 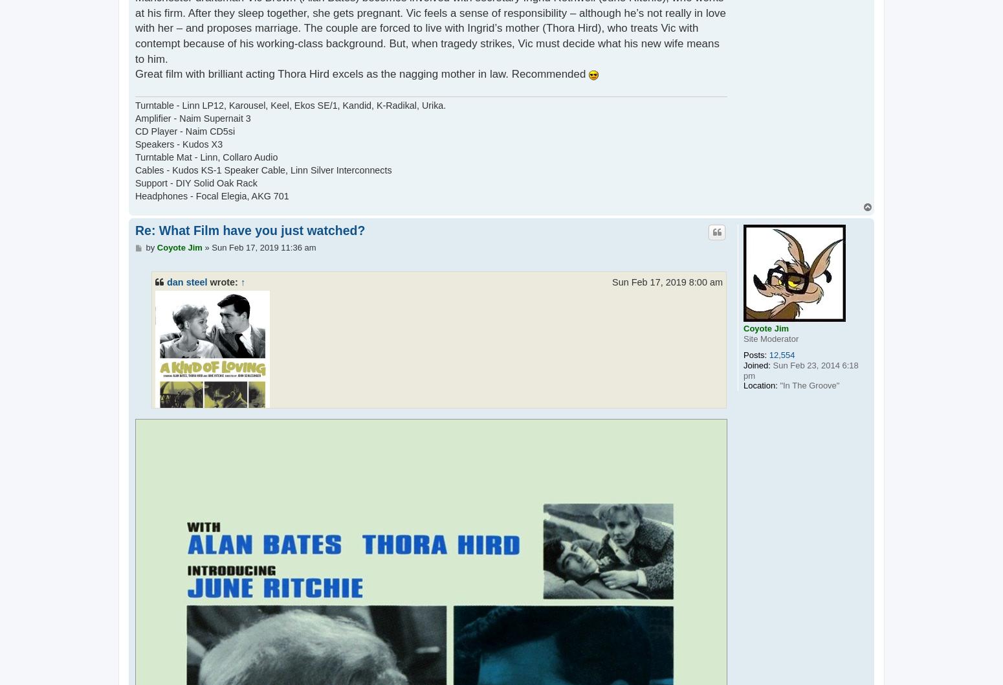 What do you see at coordinates (223, 282) in the screenshot?
I see `'wrote:'` at bounding box center [223, 282].